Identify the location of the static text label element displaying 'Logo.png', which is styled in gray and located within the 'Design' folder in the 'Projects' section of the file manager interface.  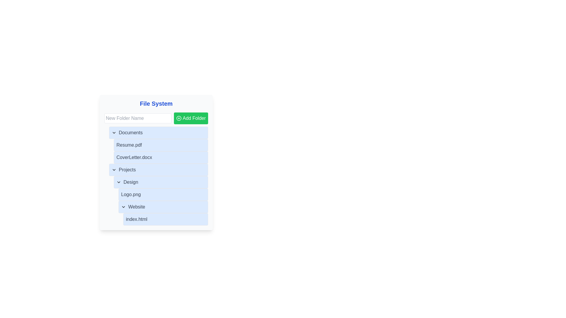
(131, 194).